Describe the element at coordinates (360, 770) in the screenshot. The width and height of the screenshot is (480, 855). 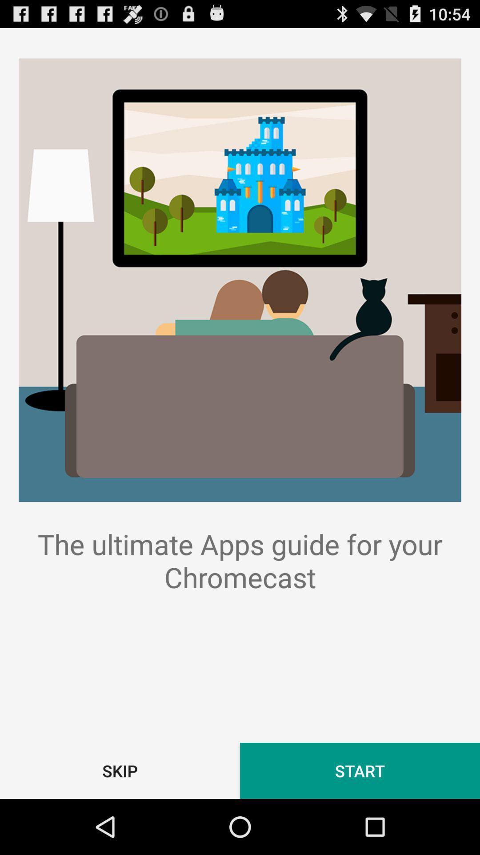
I see `item at the bottom right corner` at that location.